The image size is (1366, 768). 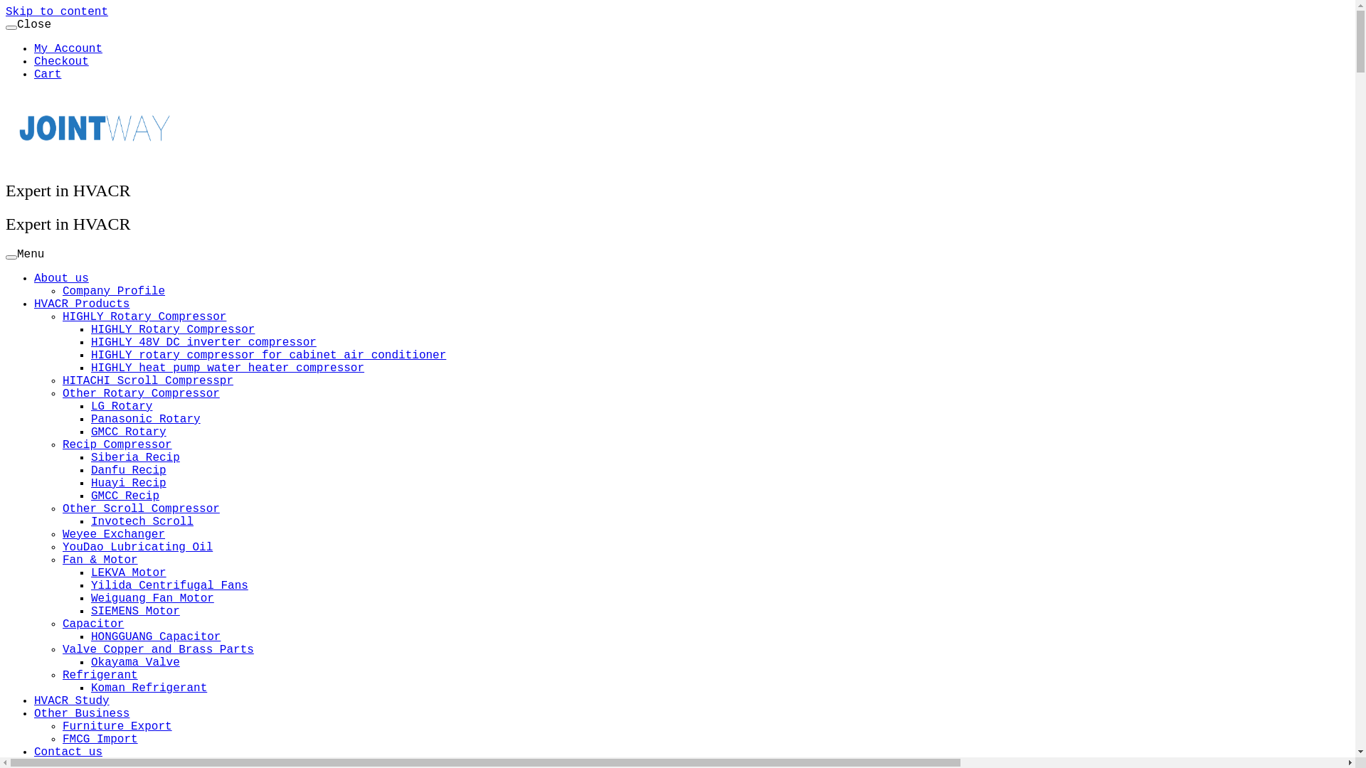 I want to click on 'Danfu Recip', so click(x=129, y=471).